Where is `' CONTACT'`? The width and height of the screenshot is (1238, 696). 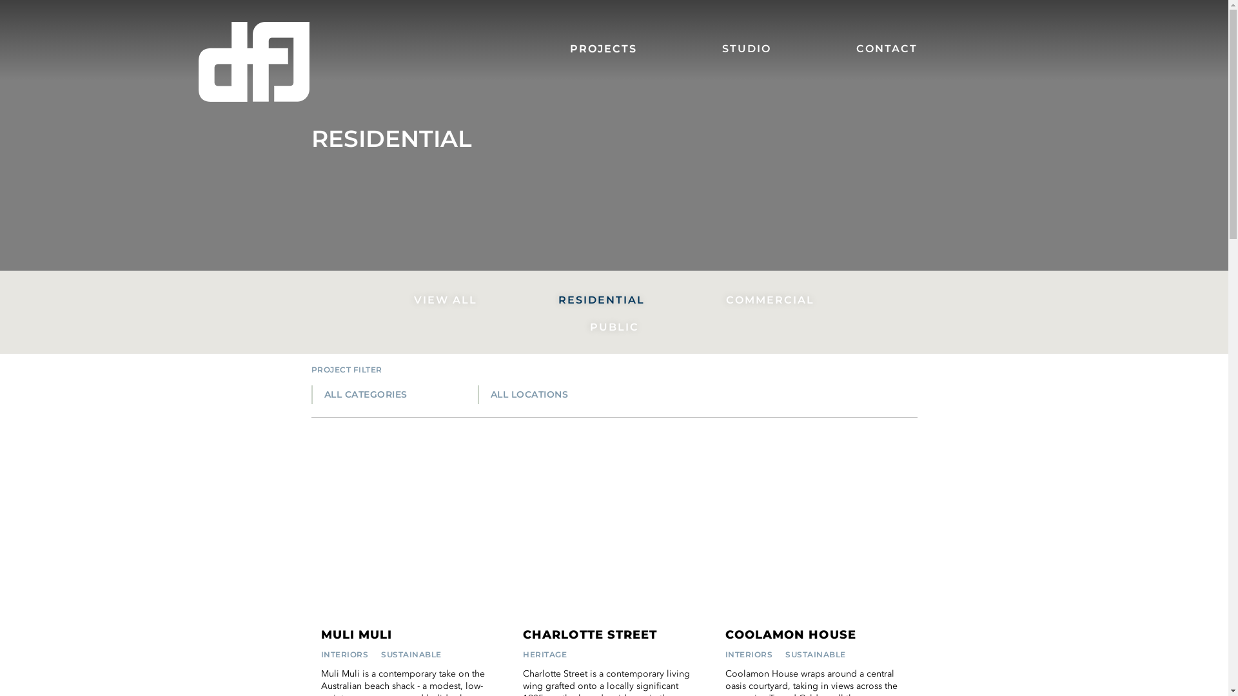 ' CONTACT' is located at coordinates (863, 48).